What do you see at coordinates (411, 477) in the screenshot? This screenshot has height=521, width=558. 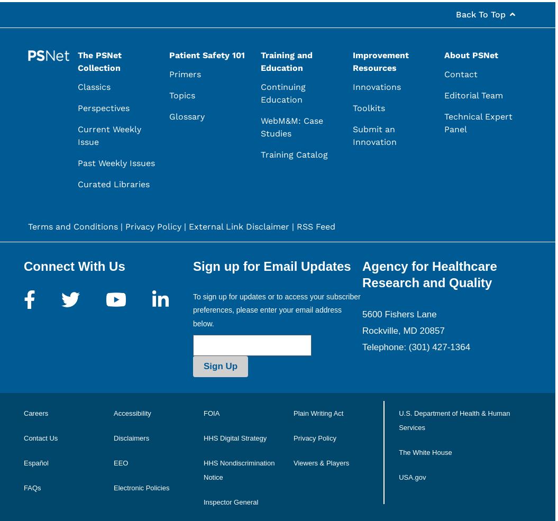 I see `'USA.gov'` at bounding box center [411, 477].